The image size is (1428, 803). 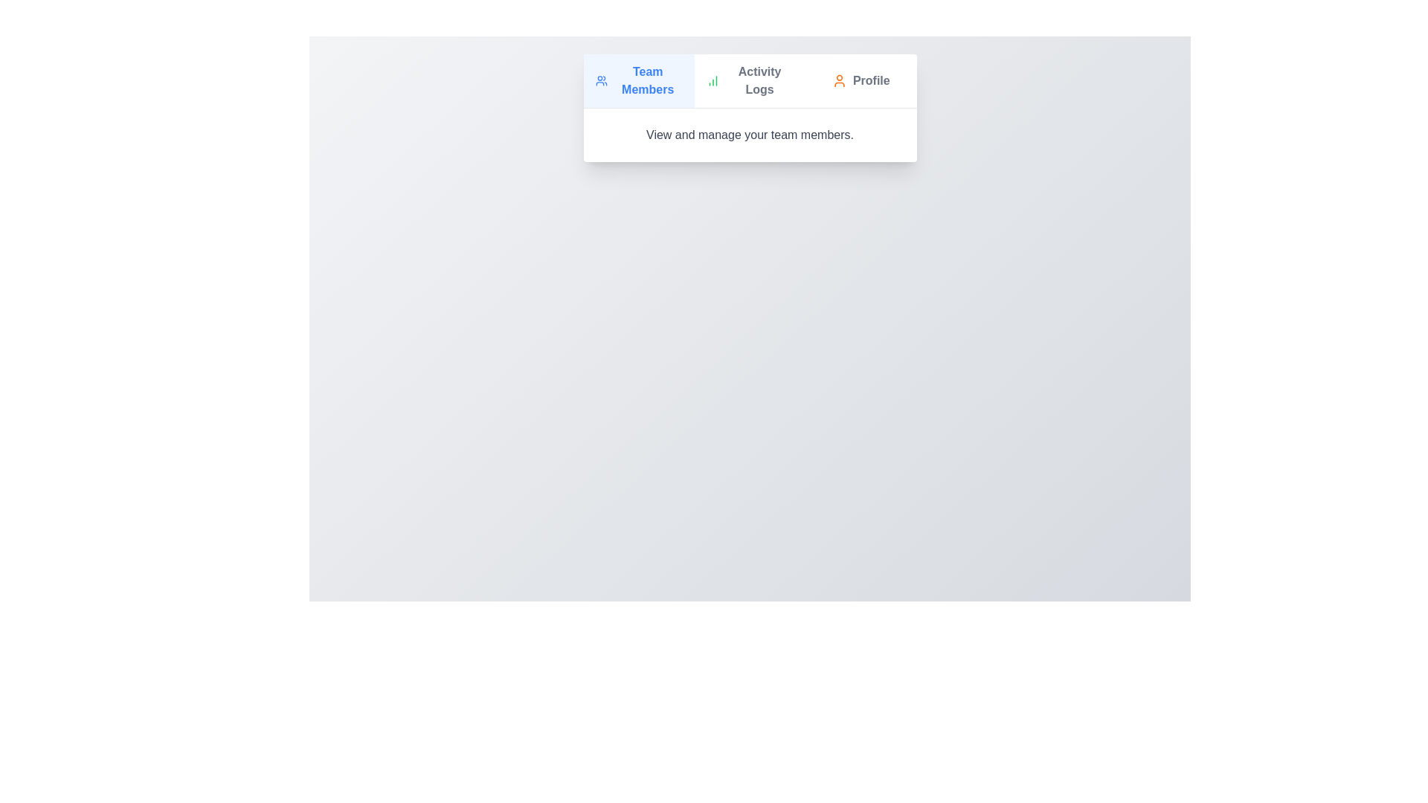 What do you see at coordinates (750, 80) in the screenshot?
I see `the tab labeled Activity Logs` at bounding box center [750, 80].